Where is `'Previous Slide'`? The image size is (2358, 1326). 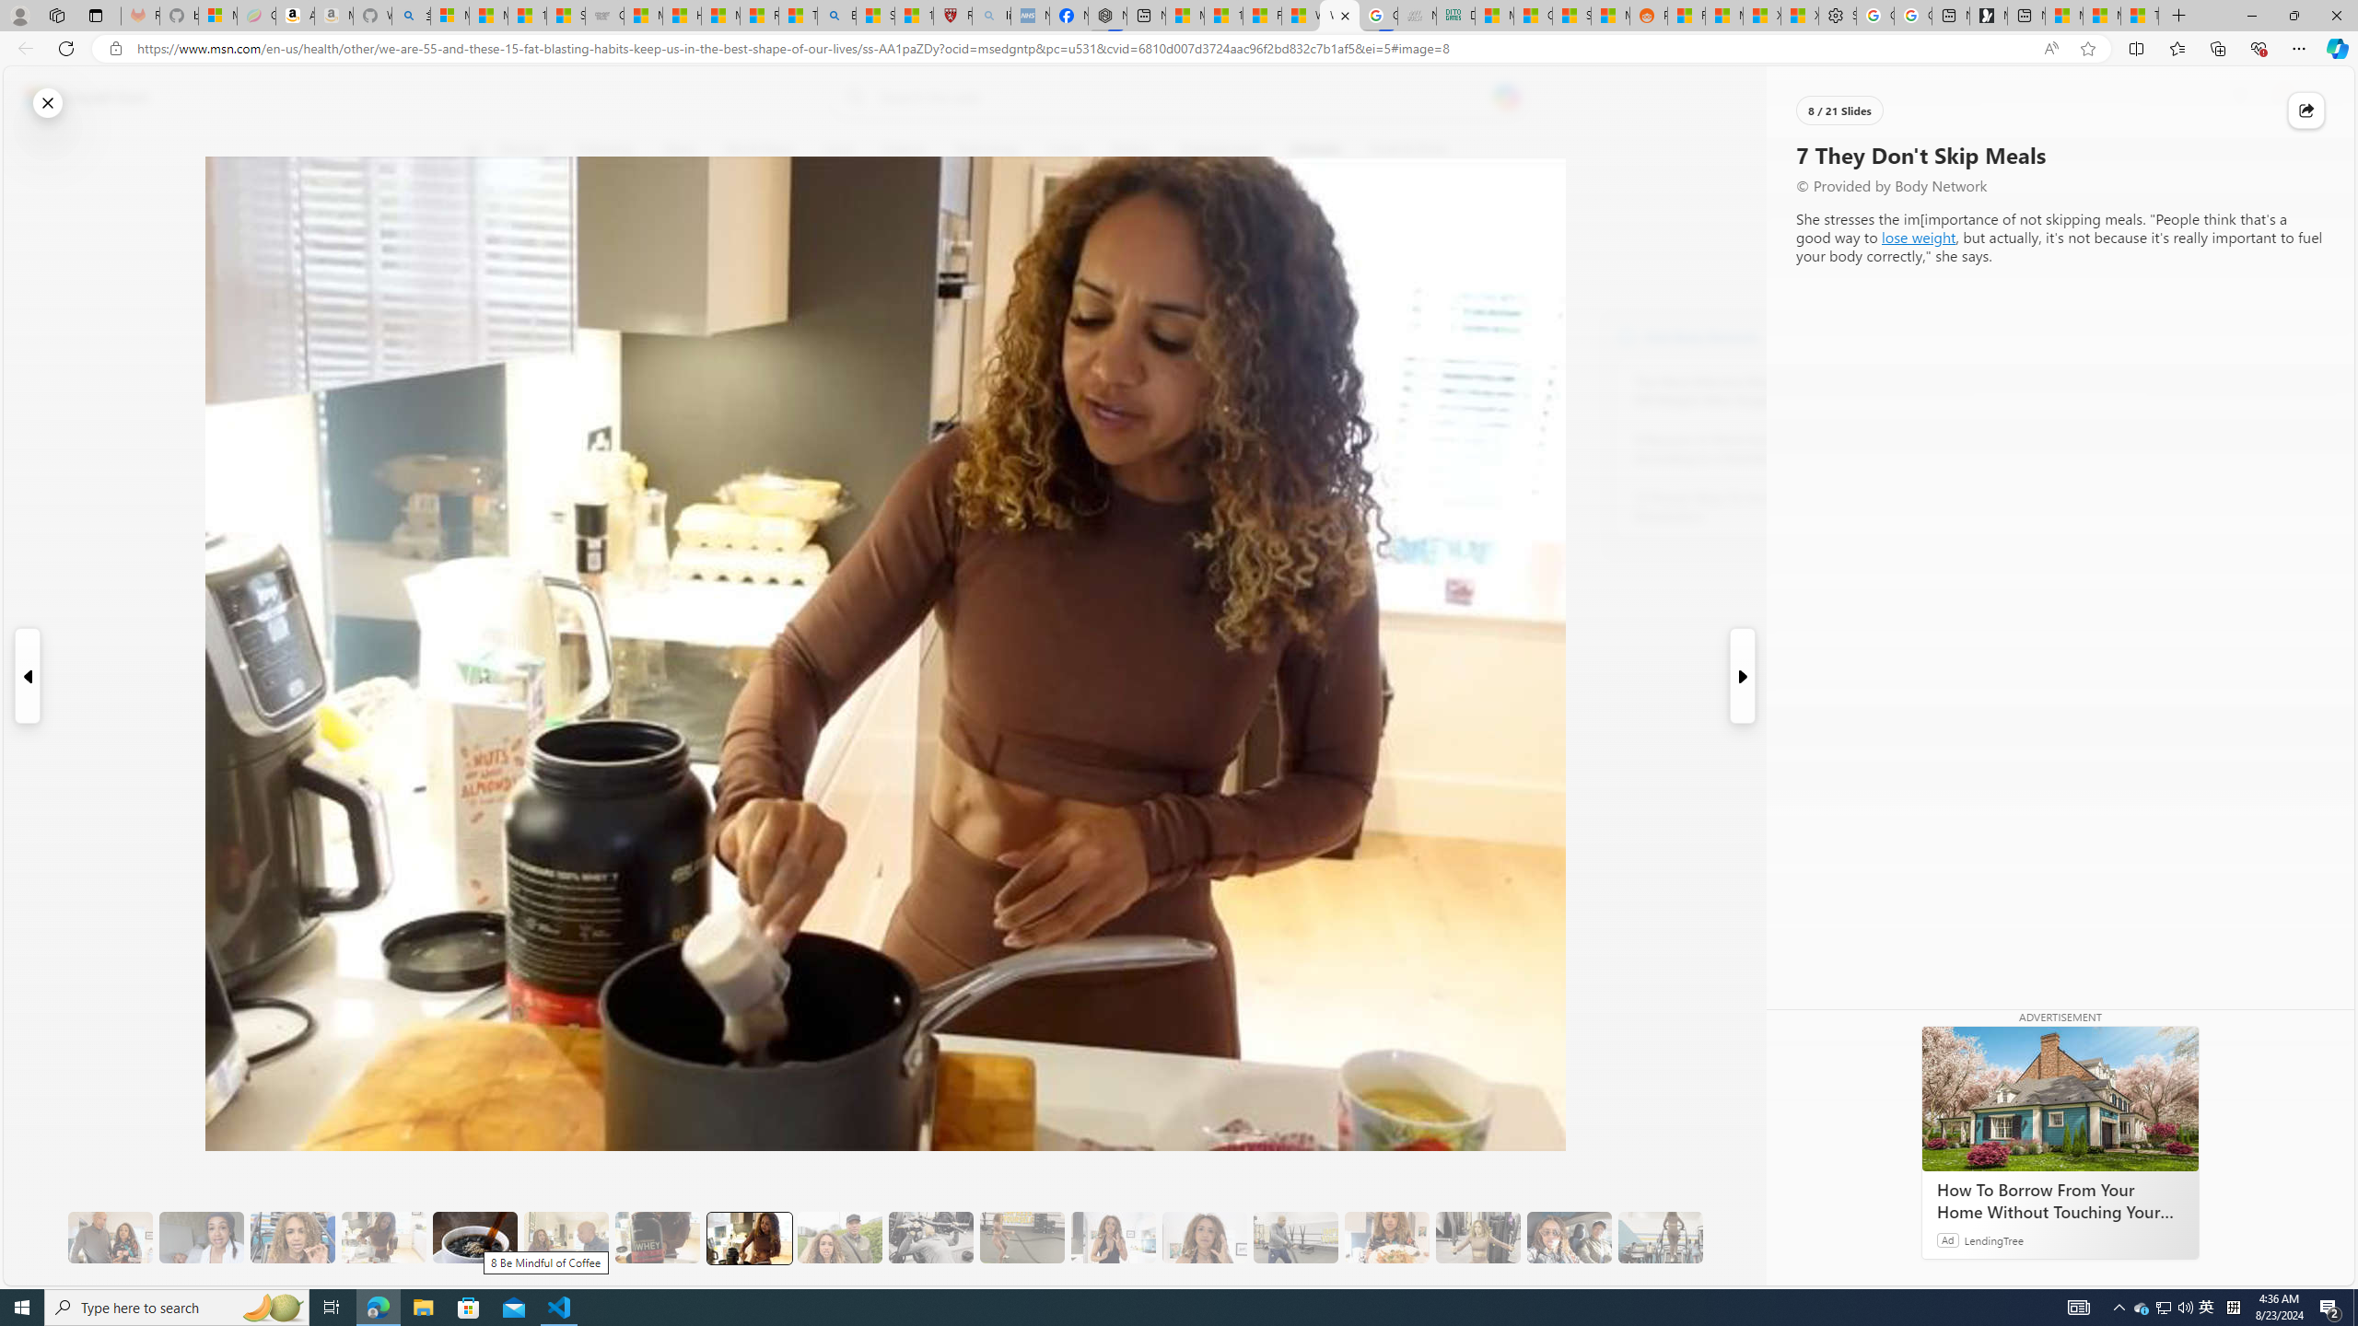 'Previous Slide' is located at coordinates (26, 676).